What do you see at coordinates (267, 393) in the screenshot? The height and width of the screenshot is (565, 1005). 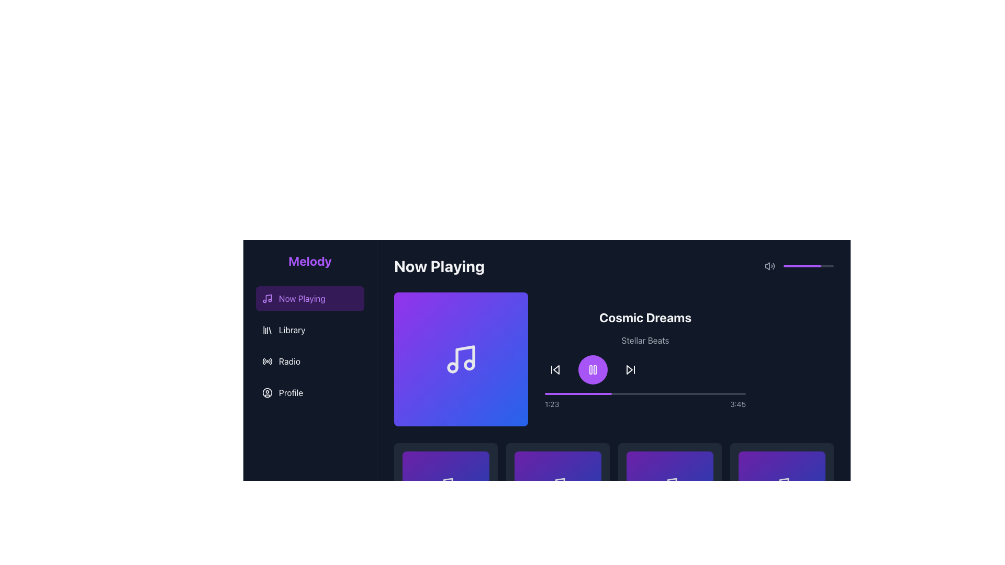 I see `the user profile icon located` at bounding box center [267, 393].